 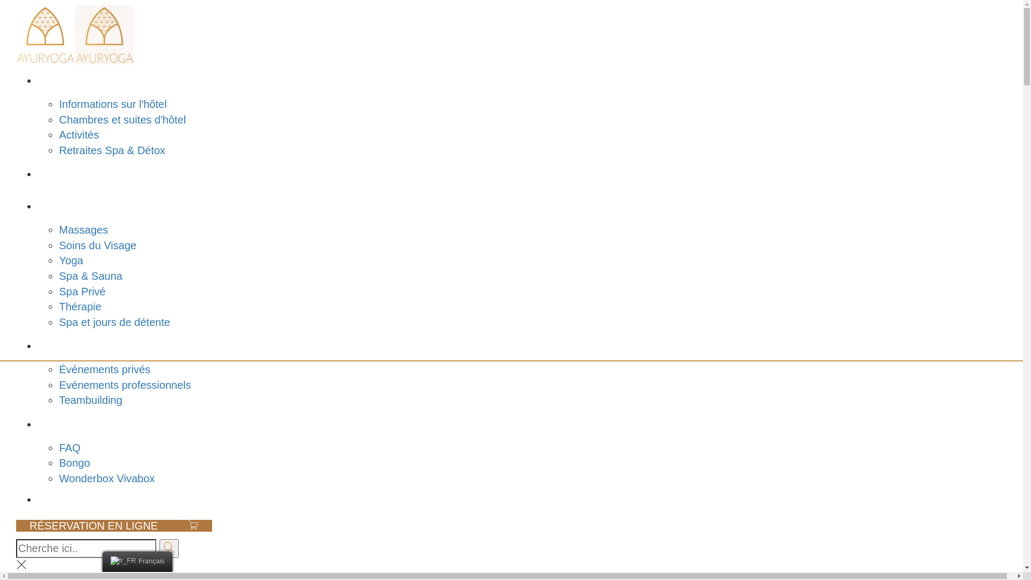 I want to click on 'Massages', so click(x=83, y=229).